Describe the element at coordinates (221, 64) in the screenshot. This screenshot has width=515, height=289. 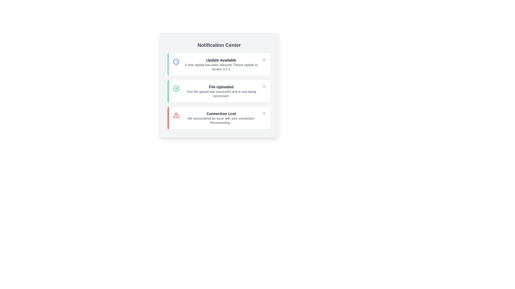
I see `the informational text block that displays 'Update Available' and 'A new update has been released. Please update to version 3.2.1.'` at that location.